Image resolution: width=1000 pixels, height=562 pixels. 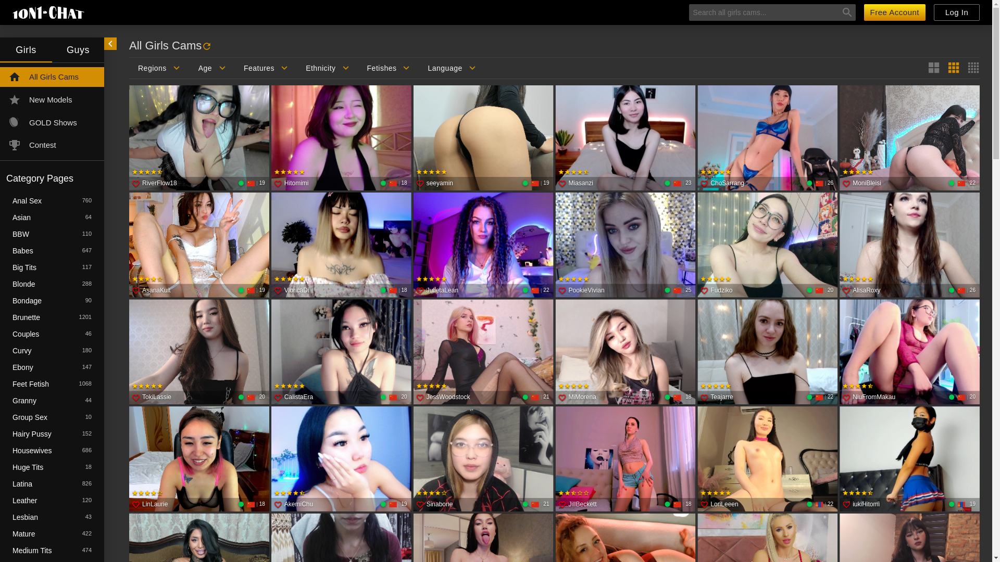 What do you see at coordinates (767, 459) in the screenshot?
I see `'LoriLeeen` at bounding box center [767, 459].